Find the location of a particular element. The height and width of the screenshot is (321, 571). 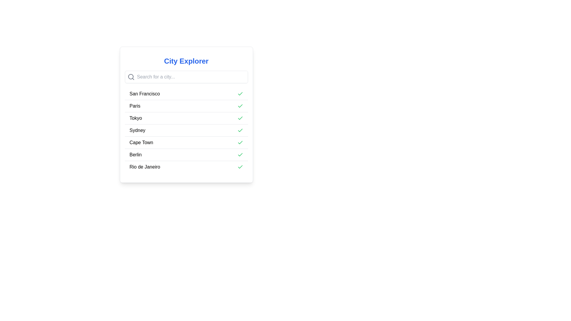

the check mark icon indicating a successful status for the city 'Berlin', which is the sixth item in the list of cities is located at coordinates (240, 167).